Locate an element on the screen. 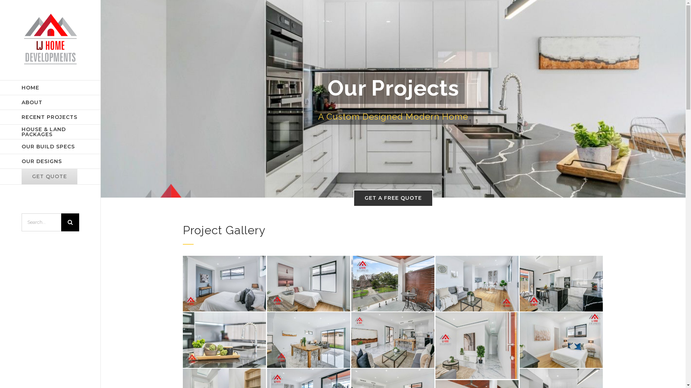  'HOME' is located at coordinates (50, 87).